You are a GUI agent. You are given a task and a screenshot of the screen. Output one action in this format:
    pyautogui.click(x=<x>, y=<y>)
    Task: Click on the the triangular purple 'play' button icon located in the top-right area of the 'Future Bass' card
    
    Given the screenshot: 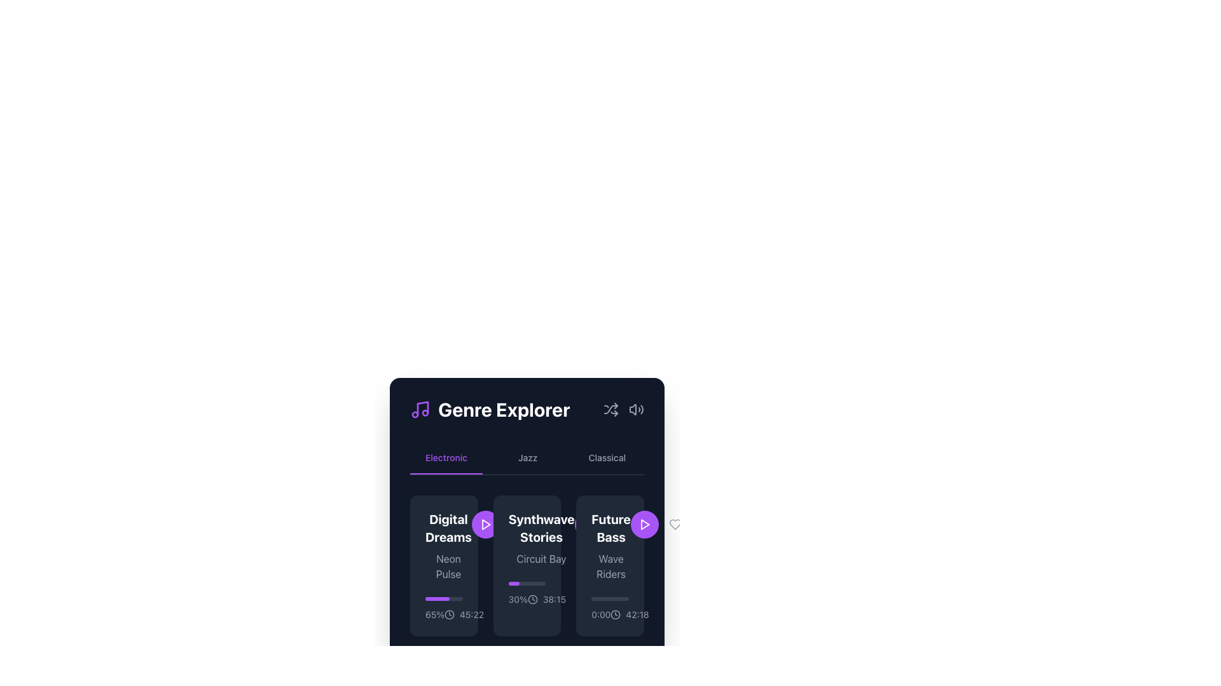 What is the action you would take?
    pyautogui.click(x=485, y=524)
    